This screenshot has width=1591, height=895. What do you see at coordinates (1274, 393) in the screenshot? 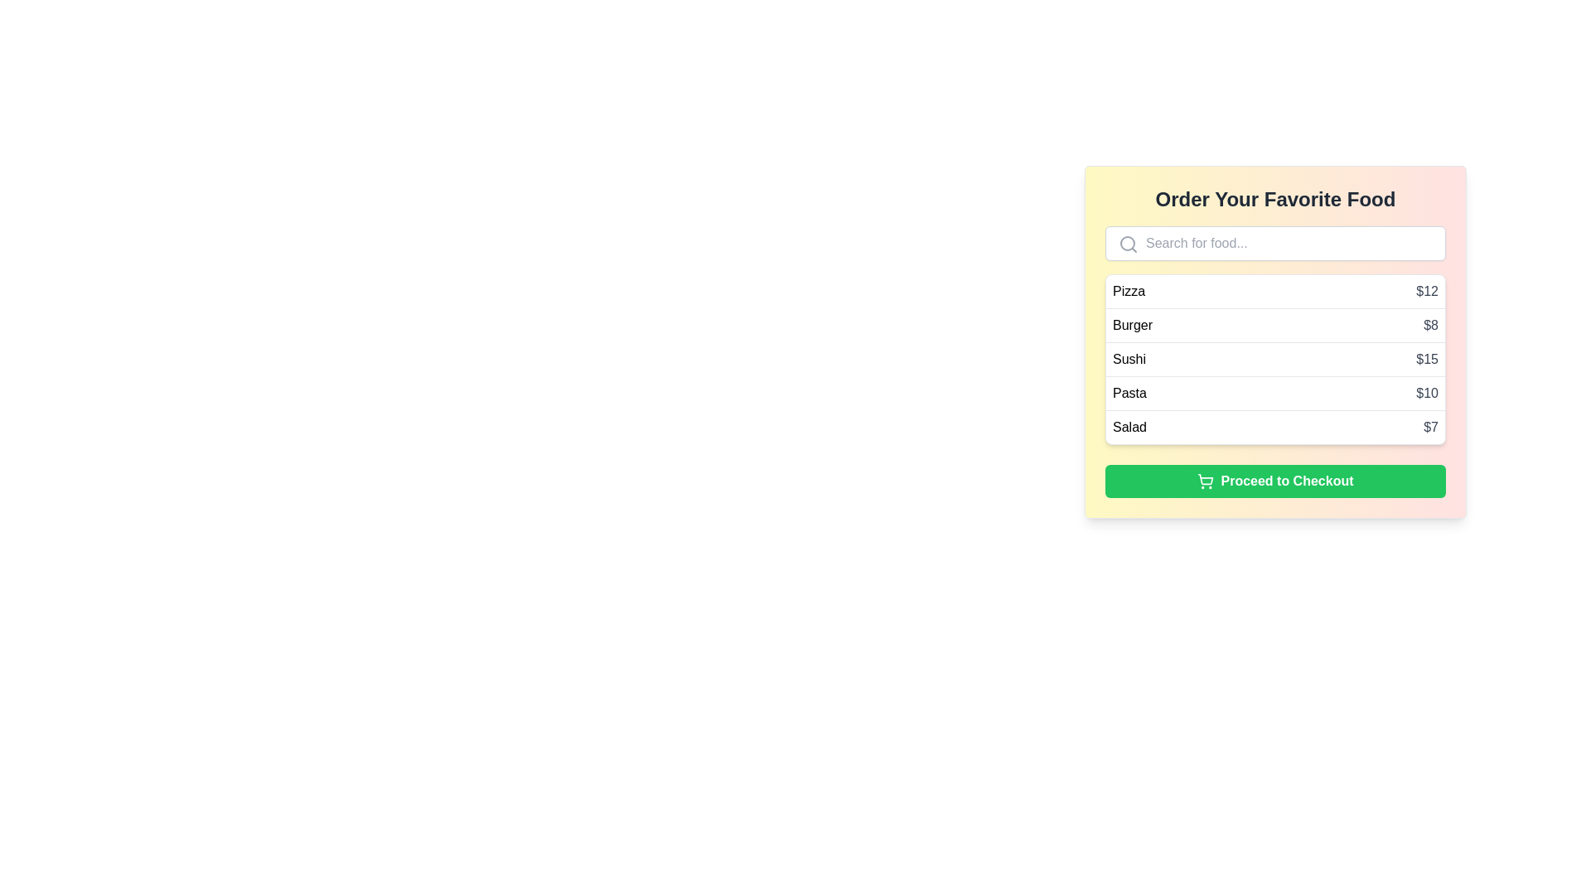
I see `the 'Pasta' list item in the food ordering list` at bounding box center [1274, 393].